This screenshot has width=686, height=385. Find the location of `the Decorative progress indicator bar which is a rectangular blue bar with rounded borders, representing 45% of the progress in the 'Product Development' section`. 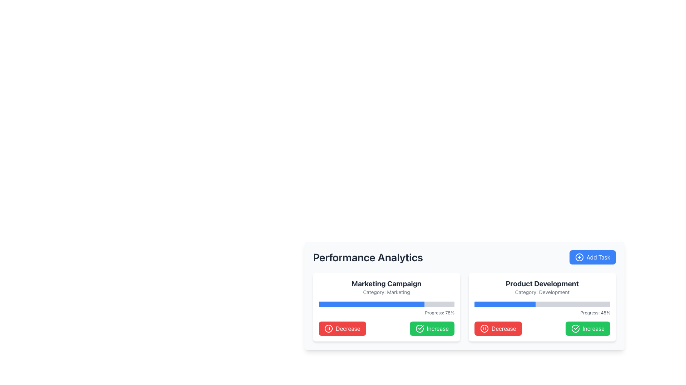

the Decorative progress indicator bar which is a rectangular blue bar with rounded borders, representing 45% of the progress in the 'Product Development' section is located at coordinates (504, 304).